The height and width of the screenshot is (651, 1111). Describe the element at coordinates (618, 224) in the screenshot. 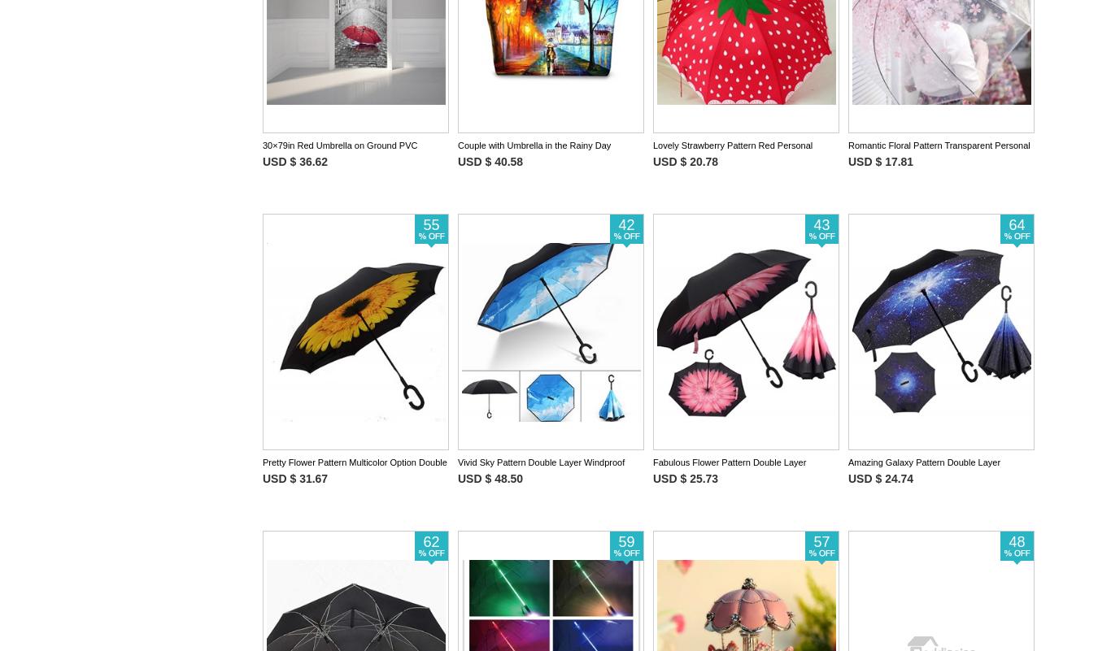

I see `'42'` at that location.